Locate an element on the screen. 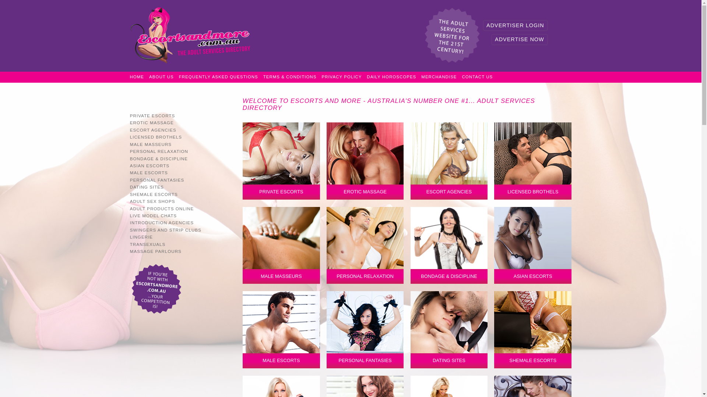 This screenshot has width=707, height=397. 'ADULT PRODUCTS ONLINE' is located at coordinates (130, 208).